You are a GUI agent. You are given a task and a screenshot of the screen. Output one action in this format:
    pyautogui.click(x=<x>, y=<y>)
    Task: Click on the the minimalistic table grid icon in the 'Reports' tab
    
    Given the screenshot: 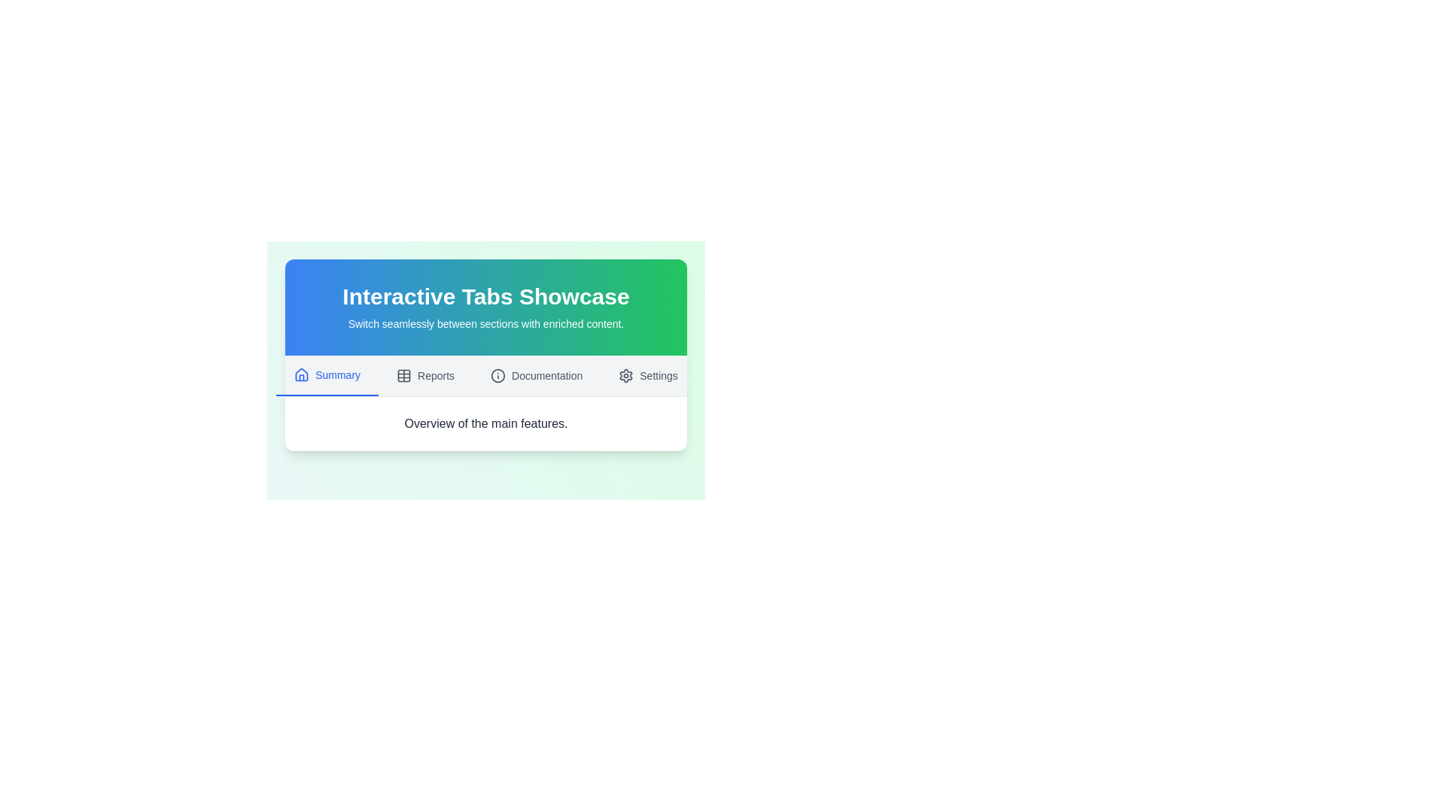 What is the action you would take?
    pyautogui.click(x=404, y=375)
    